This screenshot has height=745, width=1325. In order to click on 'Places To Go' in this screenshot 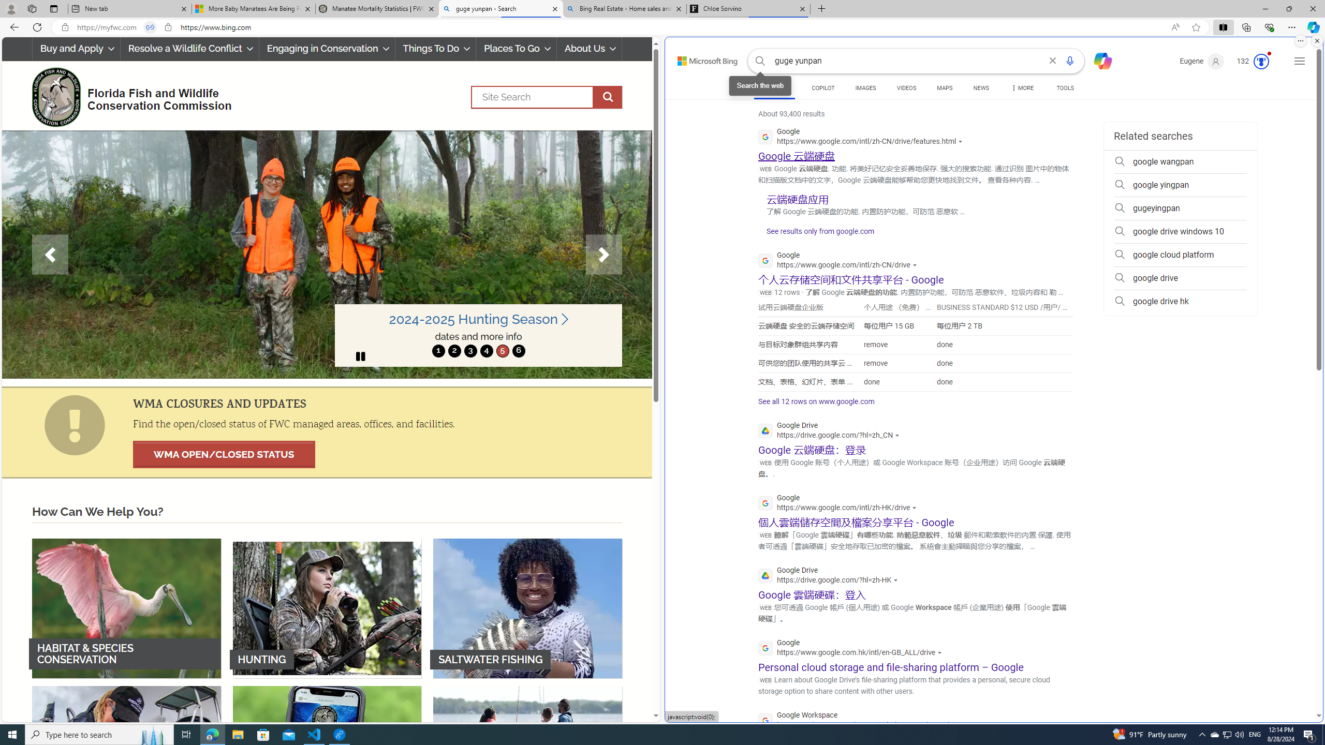, I will do `click(516, 48)`.